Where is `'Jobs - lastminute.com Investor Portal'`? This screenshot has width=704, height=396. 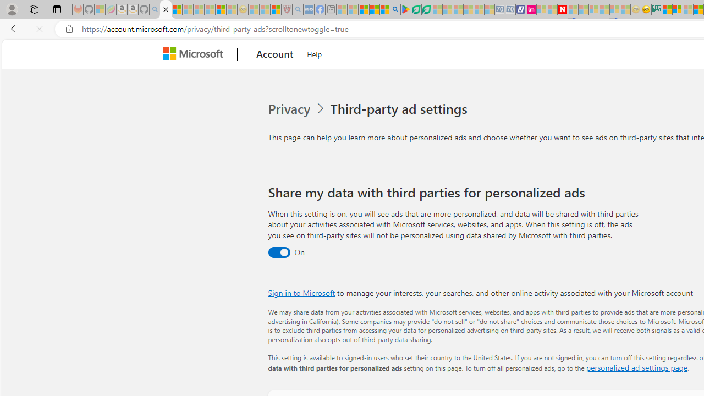
'Jobs - lastminute.com Investor Portal' is located at coordinates (531, 9).